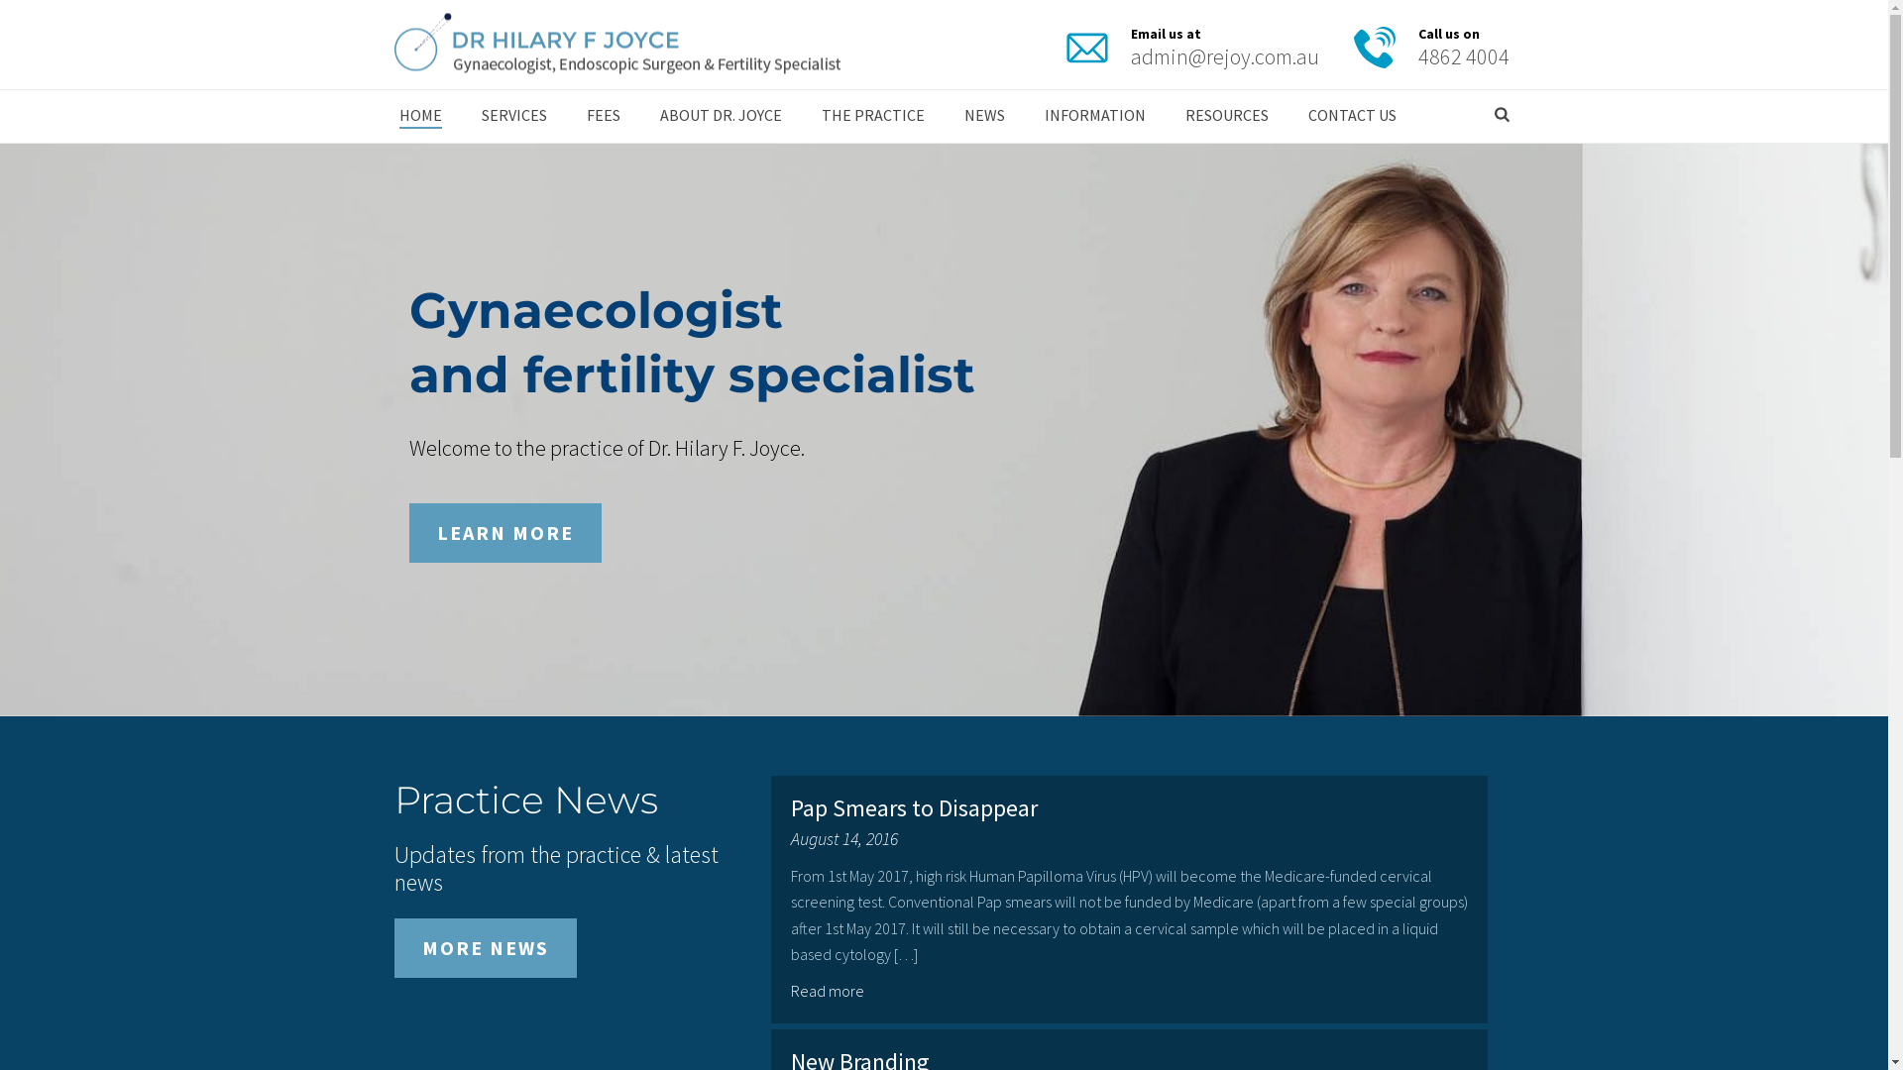 The image size is (1903, 1070). Describe the element at coordinates (871, 116) in the screenshot. I see `'THE PRACTICE'` at that location.